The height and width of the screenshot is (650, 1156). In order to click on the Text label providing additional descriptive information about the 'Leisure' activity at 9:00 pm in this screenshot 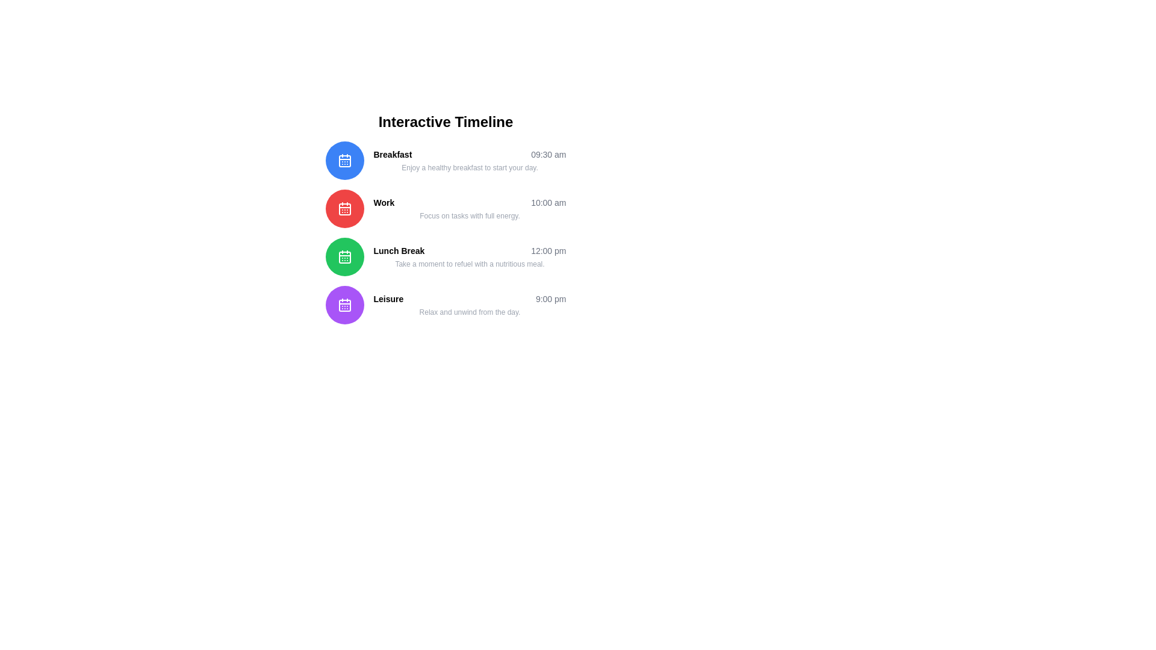, I will do `click(469, 312)`.